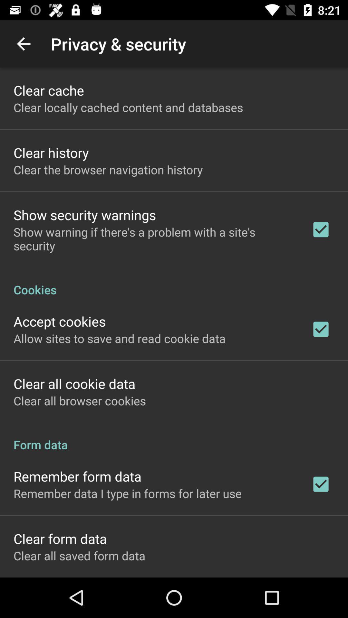  What do you see at coordinates (120, 338) in the screenshot?
I see `the icon above clear all cookie icon` at bounding box center [120, 338].